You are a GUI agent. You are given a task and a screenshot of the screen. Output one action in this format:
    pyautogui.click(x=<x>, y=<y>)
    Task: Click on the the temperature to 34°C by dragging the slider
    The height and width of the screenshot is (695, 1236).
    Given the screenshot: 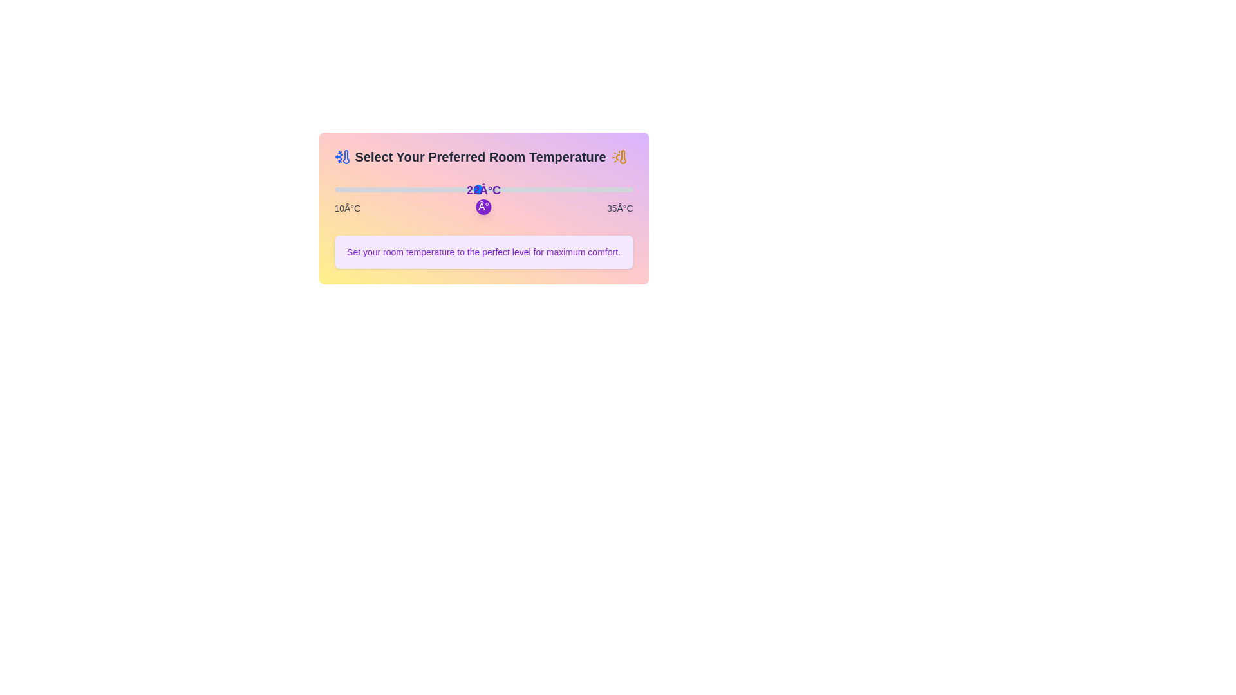 What is the action you would take?
    pyautogui.click(x=621, y=189)
    